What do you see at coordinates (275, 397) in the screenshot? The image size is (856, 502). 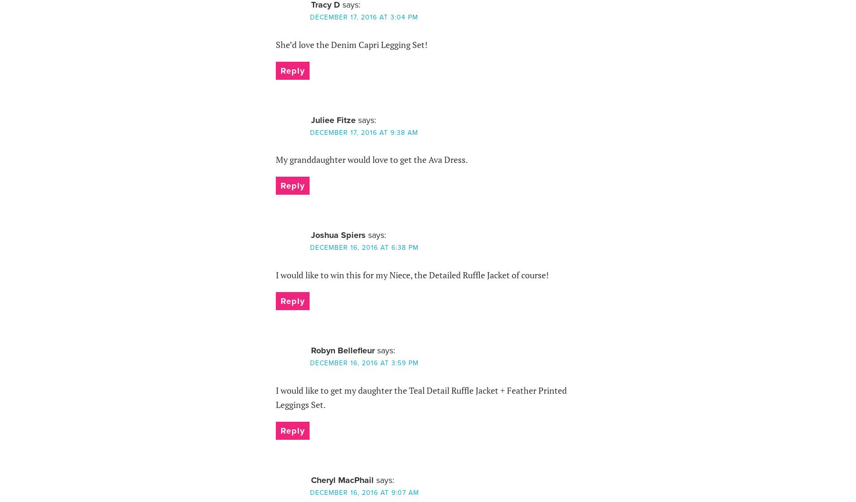 I see `'I would like to get my daughter the Teal Detail Ruffle Jacket + Feather Printed Leggings Set.'` at bounding box center [275, 397].